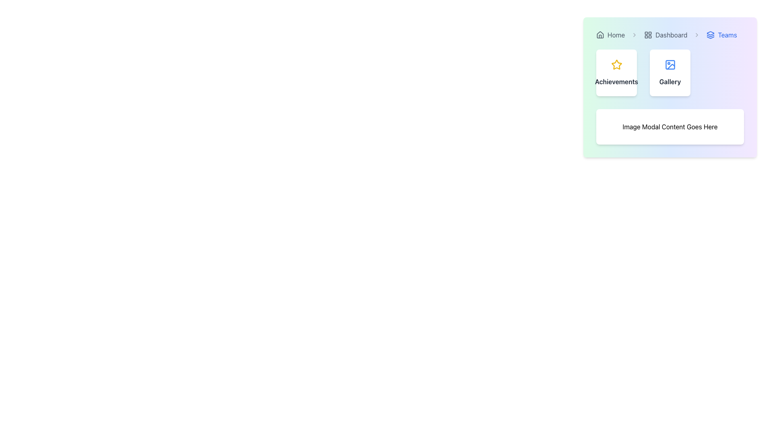 This screenshot has width=773, height=435. Describe the element at coordinates (616, 64) in the screenshot. I see `the star icon representing achievements on the dashboard, located in the upper-left area of the 'Achievements' card` at that location.